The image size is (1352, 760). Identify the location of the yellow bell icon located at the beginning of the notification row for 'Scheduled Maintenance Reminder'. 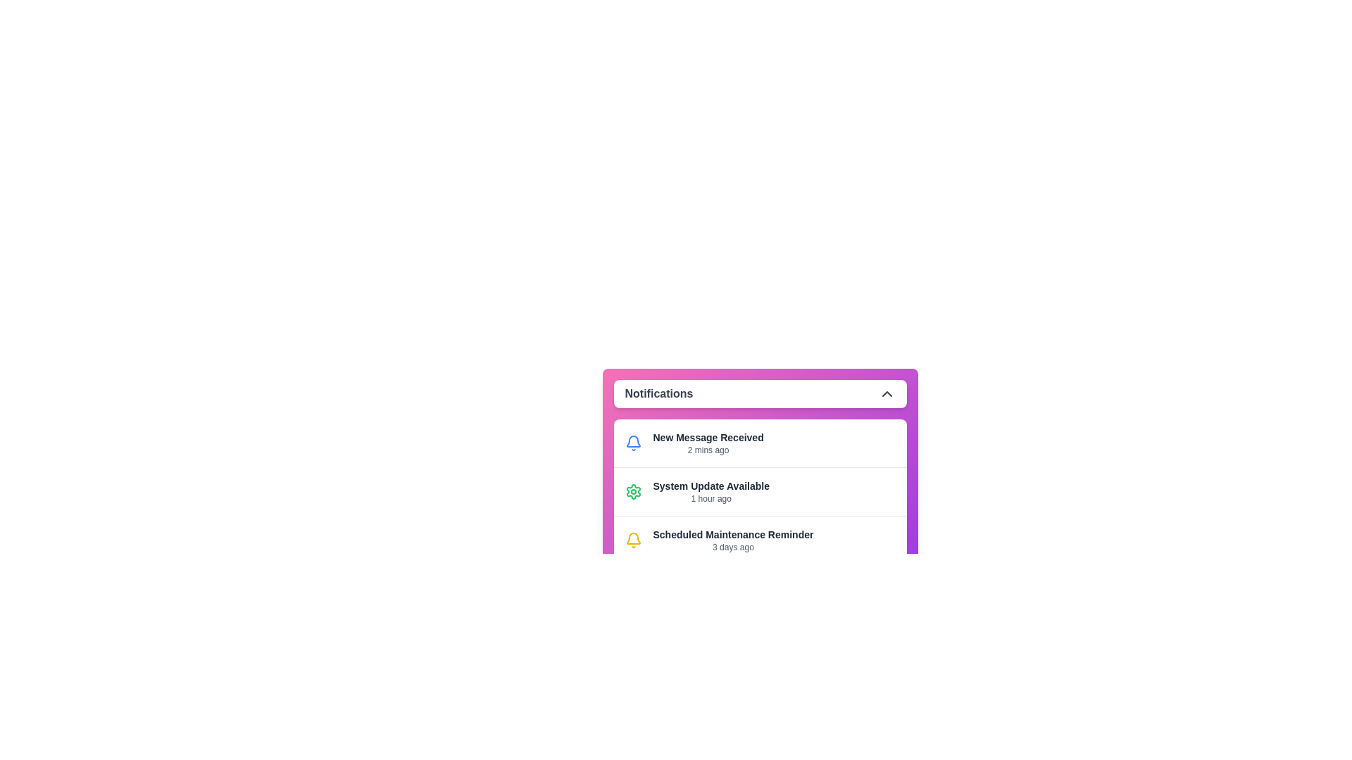
(632, 539).